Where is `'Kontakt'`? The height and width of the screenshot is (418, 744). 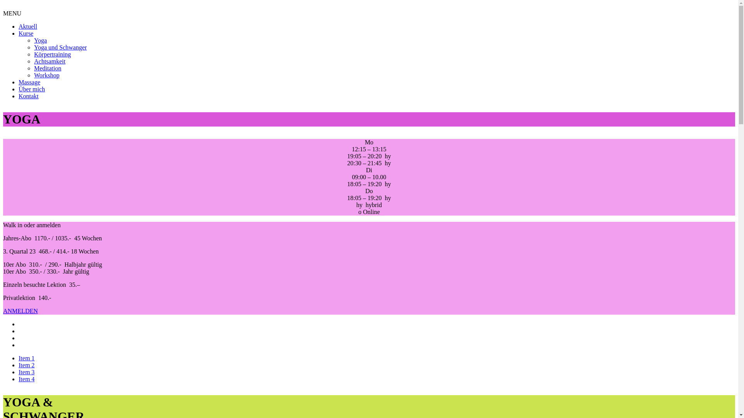
'Kontakt' is located at coordinates (28, 96).